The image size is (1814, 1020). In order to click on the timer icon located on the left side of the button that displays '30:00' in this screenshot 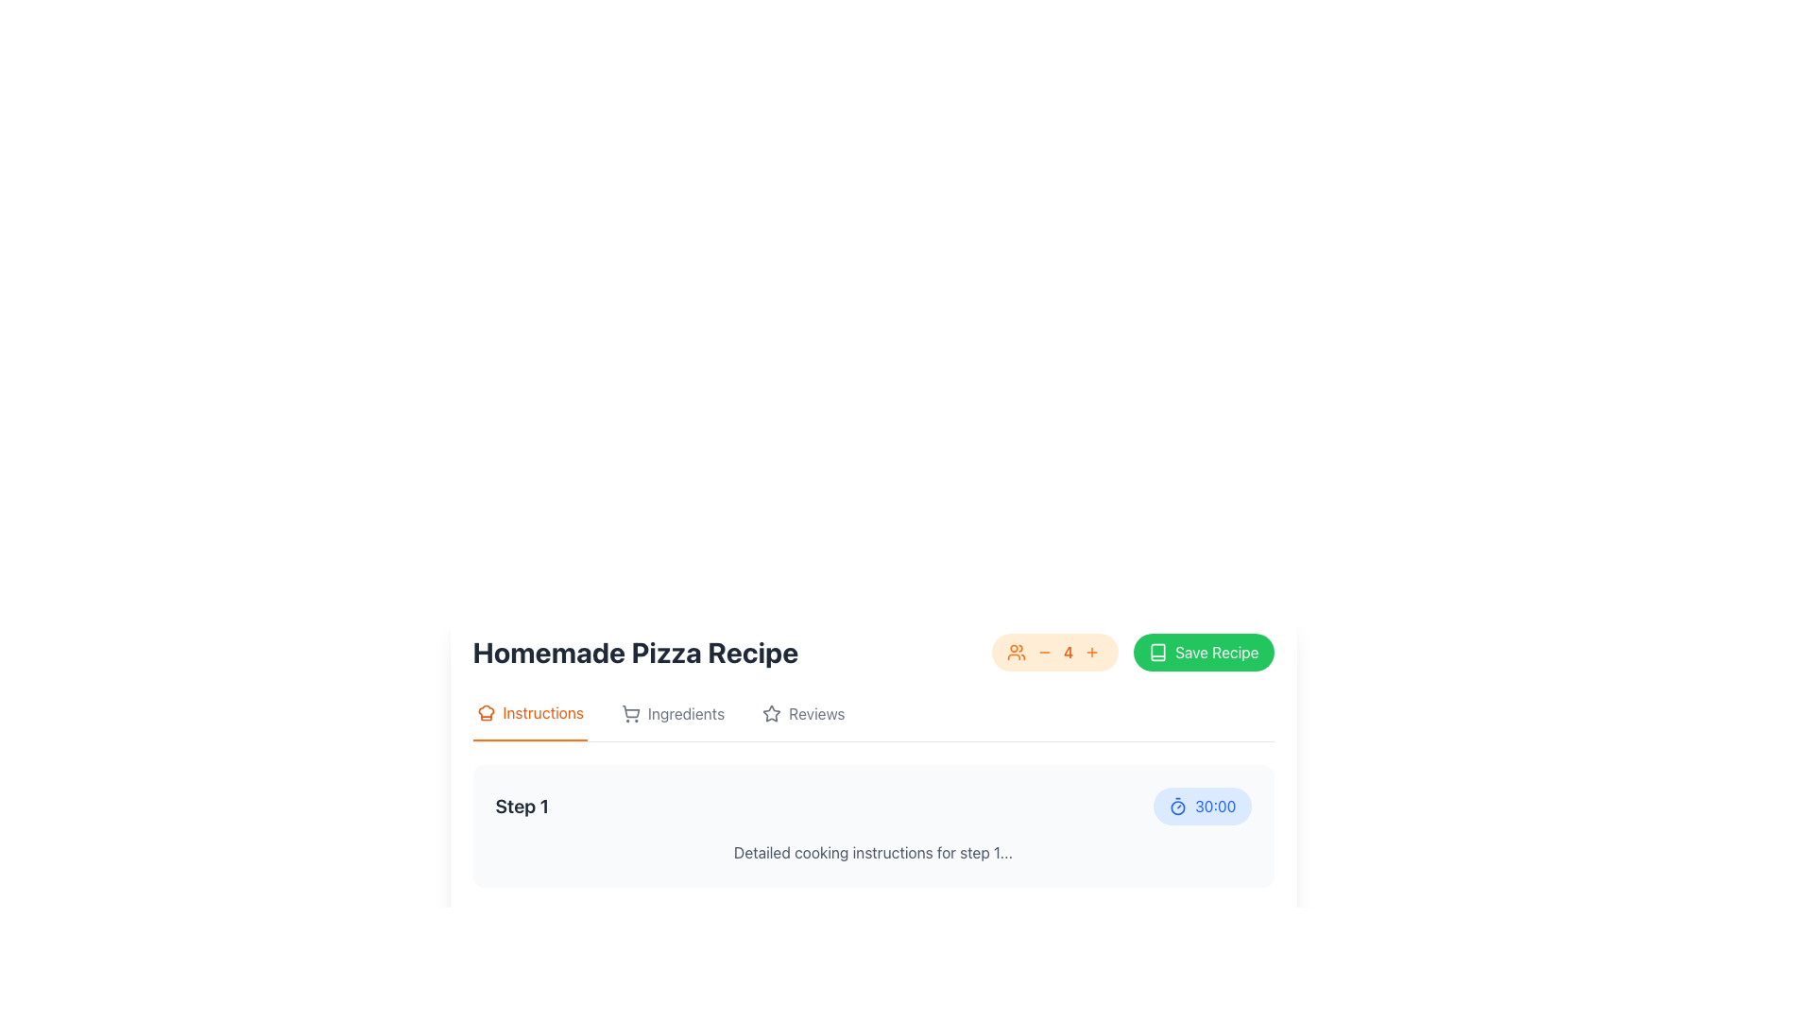, I will do `click(1177, 806)`.